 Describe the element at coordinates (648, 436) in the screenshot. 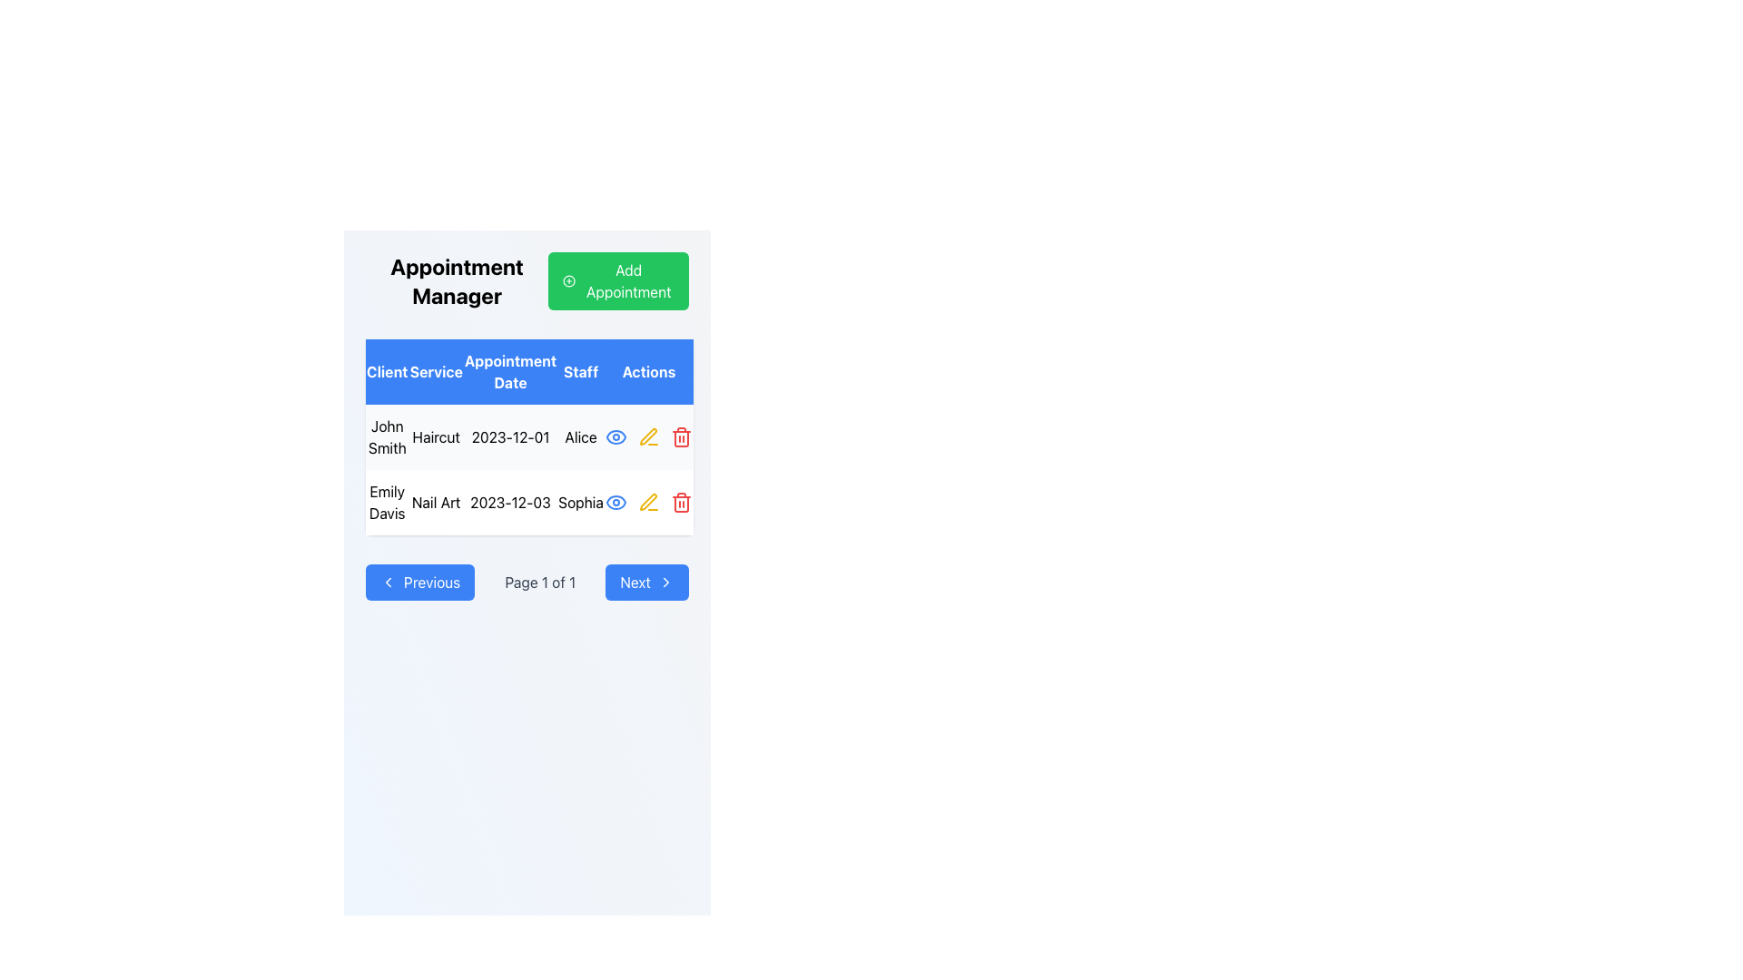

I see `the edit button icon in the second row of the table under the 'Actions' column, which is positioned to the right of the blue eye icon and to the left of the red trash bin icon, associated with 'Emily Davis'` at that location.